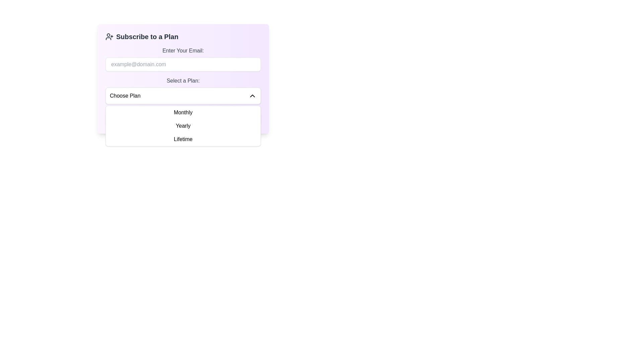  I want to click on the small, square-shaped icon with rounded corners that is part of a larger icon containing an 'X' mark, located at the top-right of the 'Monthly' plan selection in the dropdown menu, so click(233, 118).